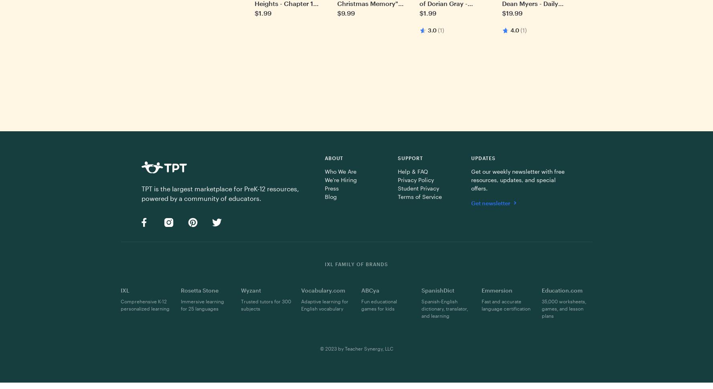 This screenshot has height=389, width=713. Describe the element at coordinates (496, 289) in the screenshot. I see `'Emmersion'` at that location.